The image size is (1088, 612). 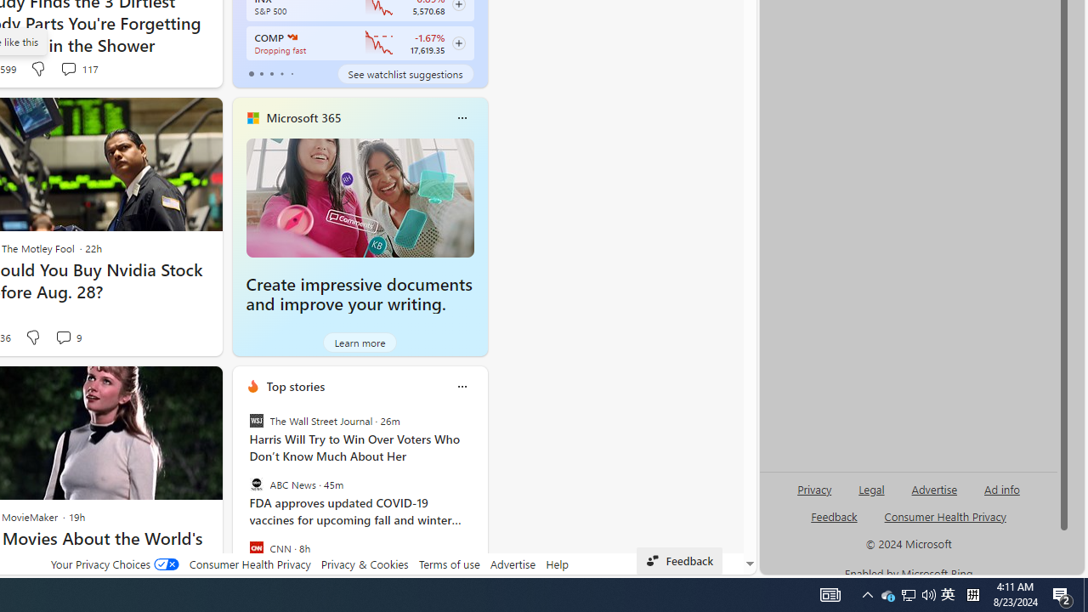 What do you see at coordinates (63, 337) in the screenshot?
I see `'View comments 9 Comment'` at bounding box center [63, 337].